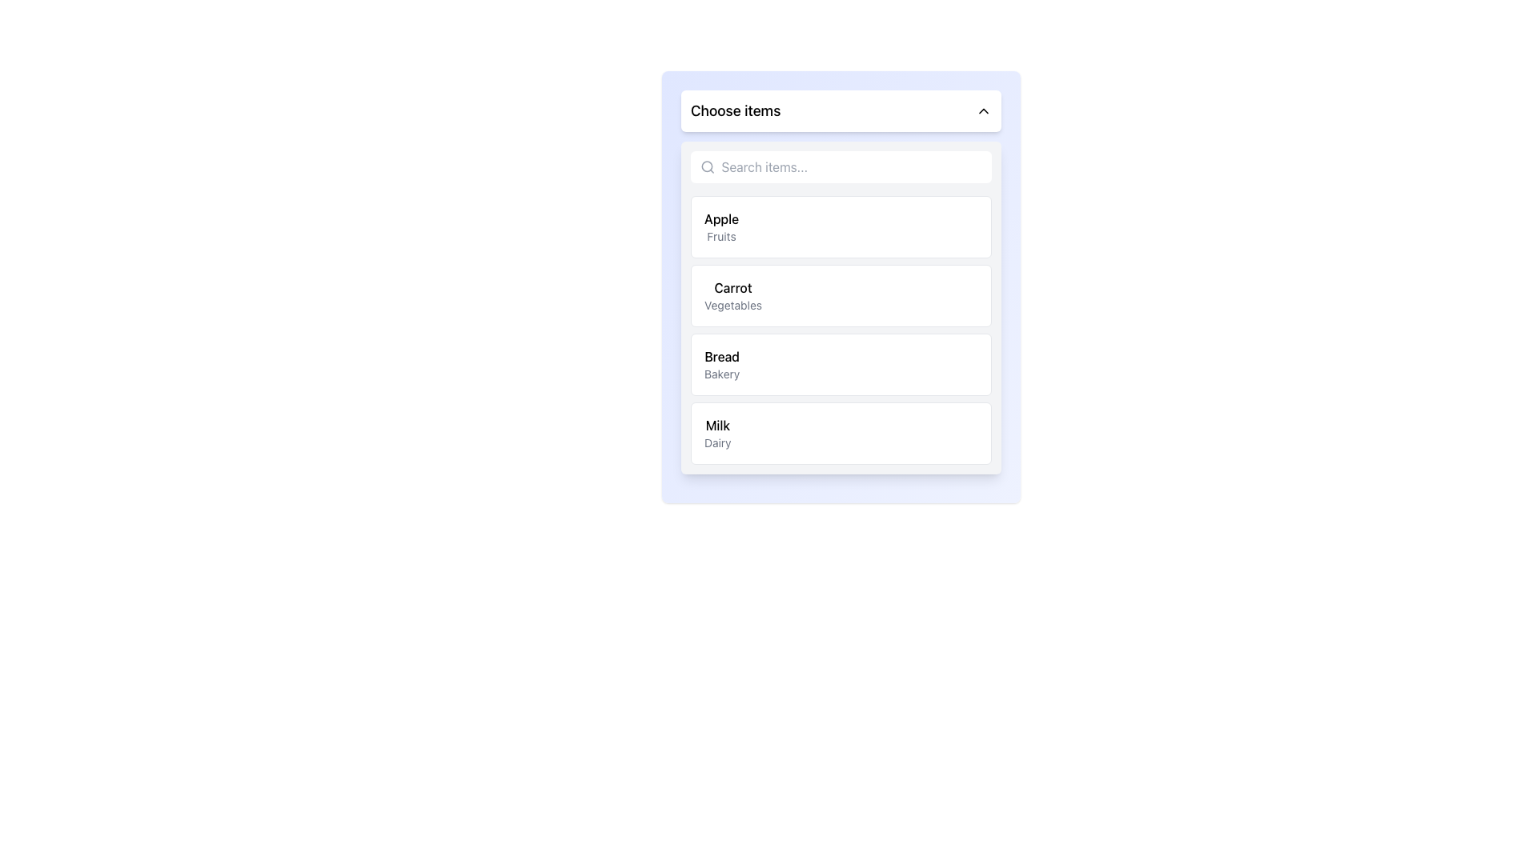 The image size is (1537, 864). What do you see at coordinates (721, 364) in the screenshot?
I see `text content of the label displaying 'Bread' categorized under 'Bakery', which is the third item in a vertical list within a modal` at bounding box center [721, 364].